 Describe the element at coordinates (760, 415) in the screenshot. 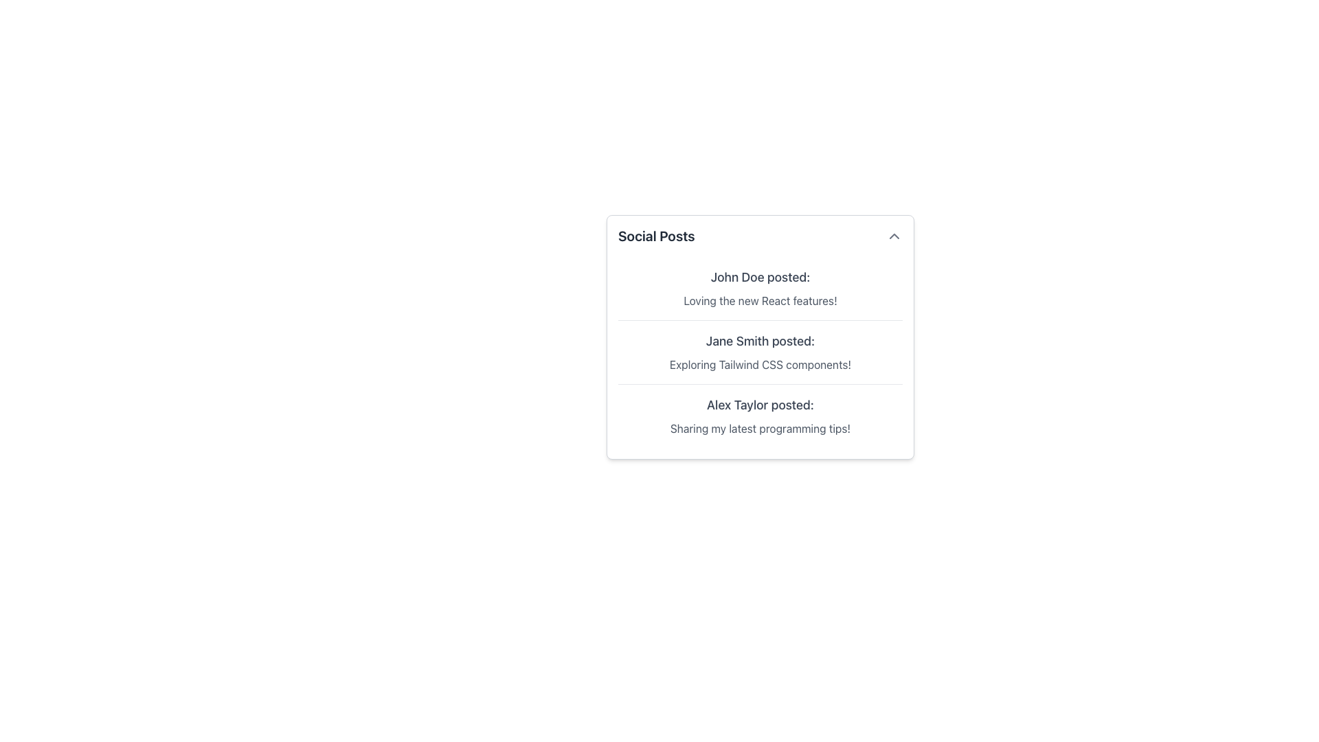

I see `the static text block displaying the user's post information, which is the third post in the list beneath 'Jane Smith posted: Exploring Tailwind CSS components!'` at that location.